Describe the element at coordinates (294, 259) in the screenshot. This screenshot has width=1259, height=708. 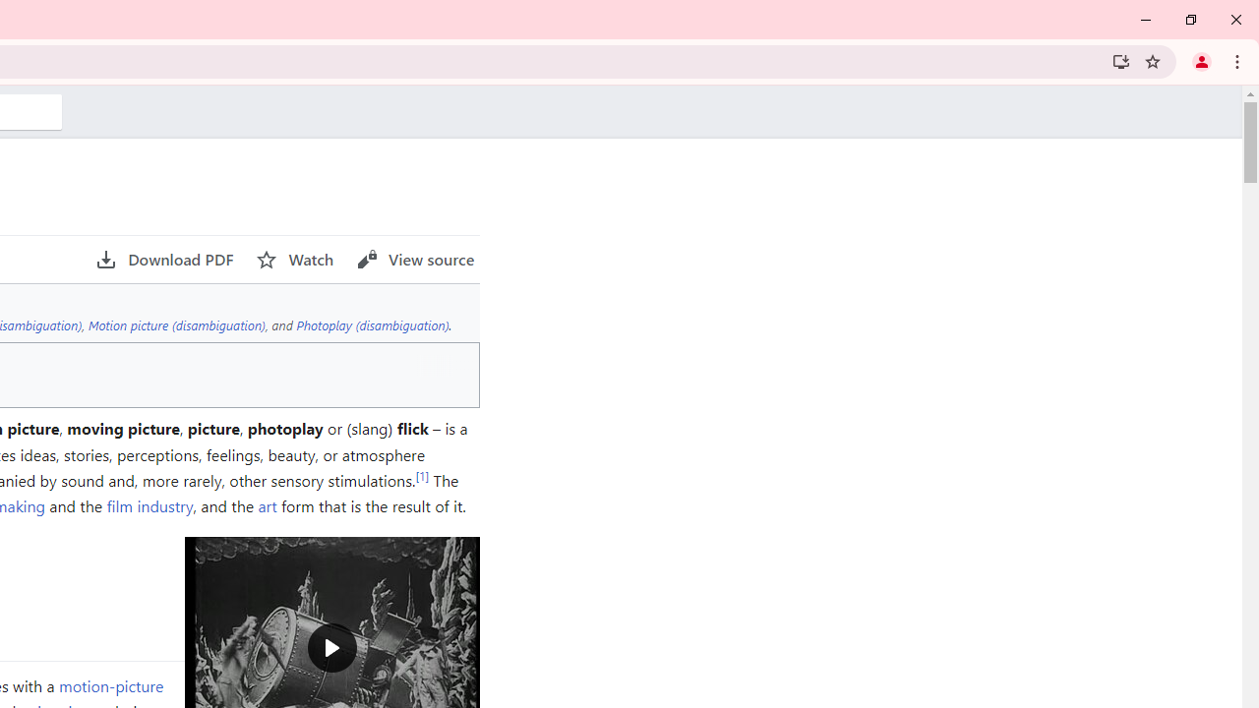
I see `'AutomationID: page-actions-watch'` at that location.